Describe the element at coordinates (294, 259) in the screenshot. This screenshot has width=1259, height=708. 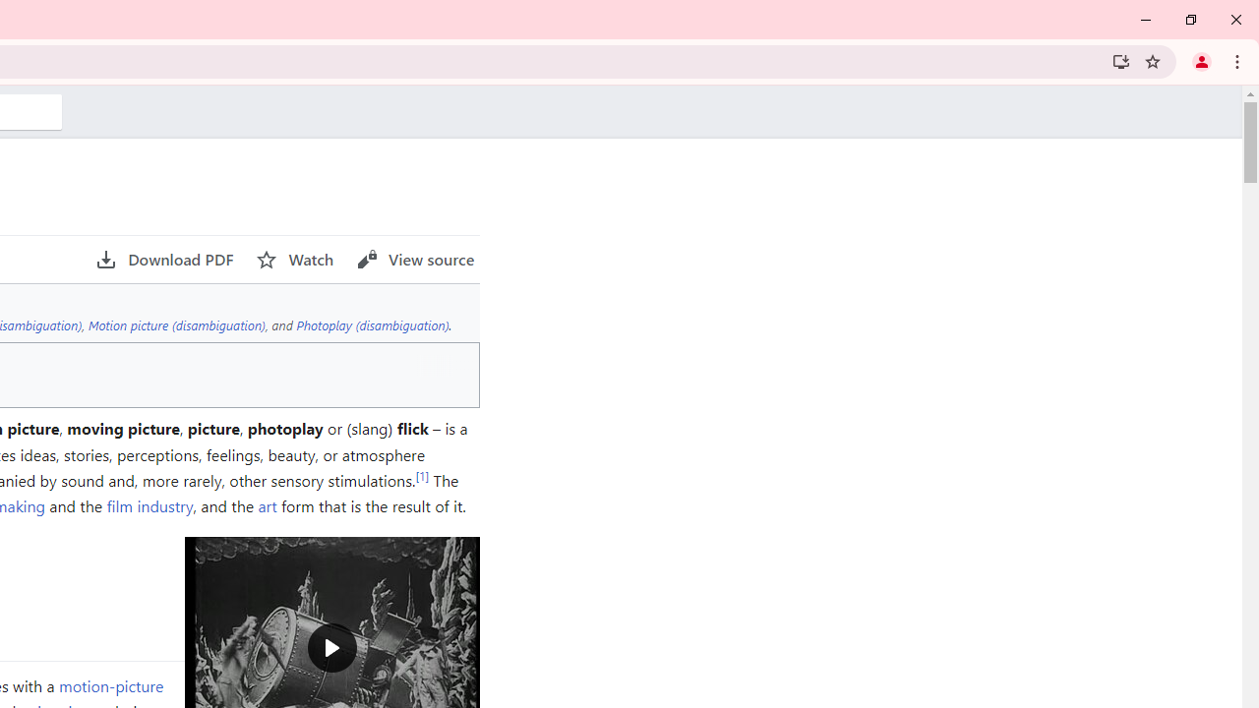
I see `'AutomationID: page-actions-watch'` at that location.